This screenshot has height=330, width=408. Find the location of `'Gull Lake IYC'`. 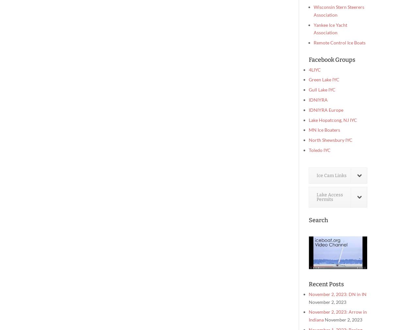

'Gull Lake IYC' is located at coordinates (322, 90).